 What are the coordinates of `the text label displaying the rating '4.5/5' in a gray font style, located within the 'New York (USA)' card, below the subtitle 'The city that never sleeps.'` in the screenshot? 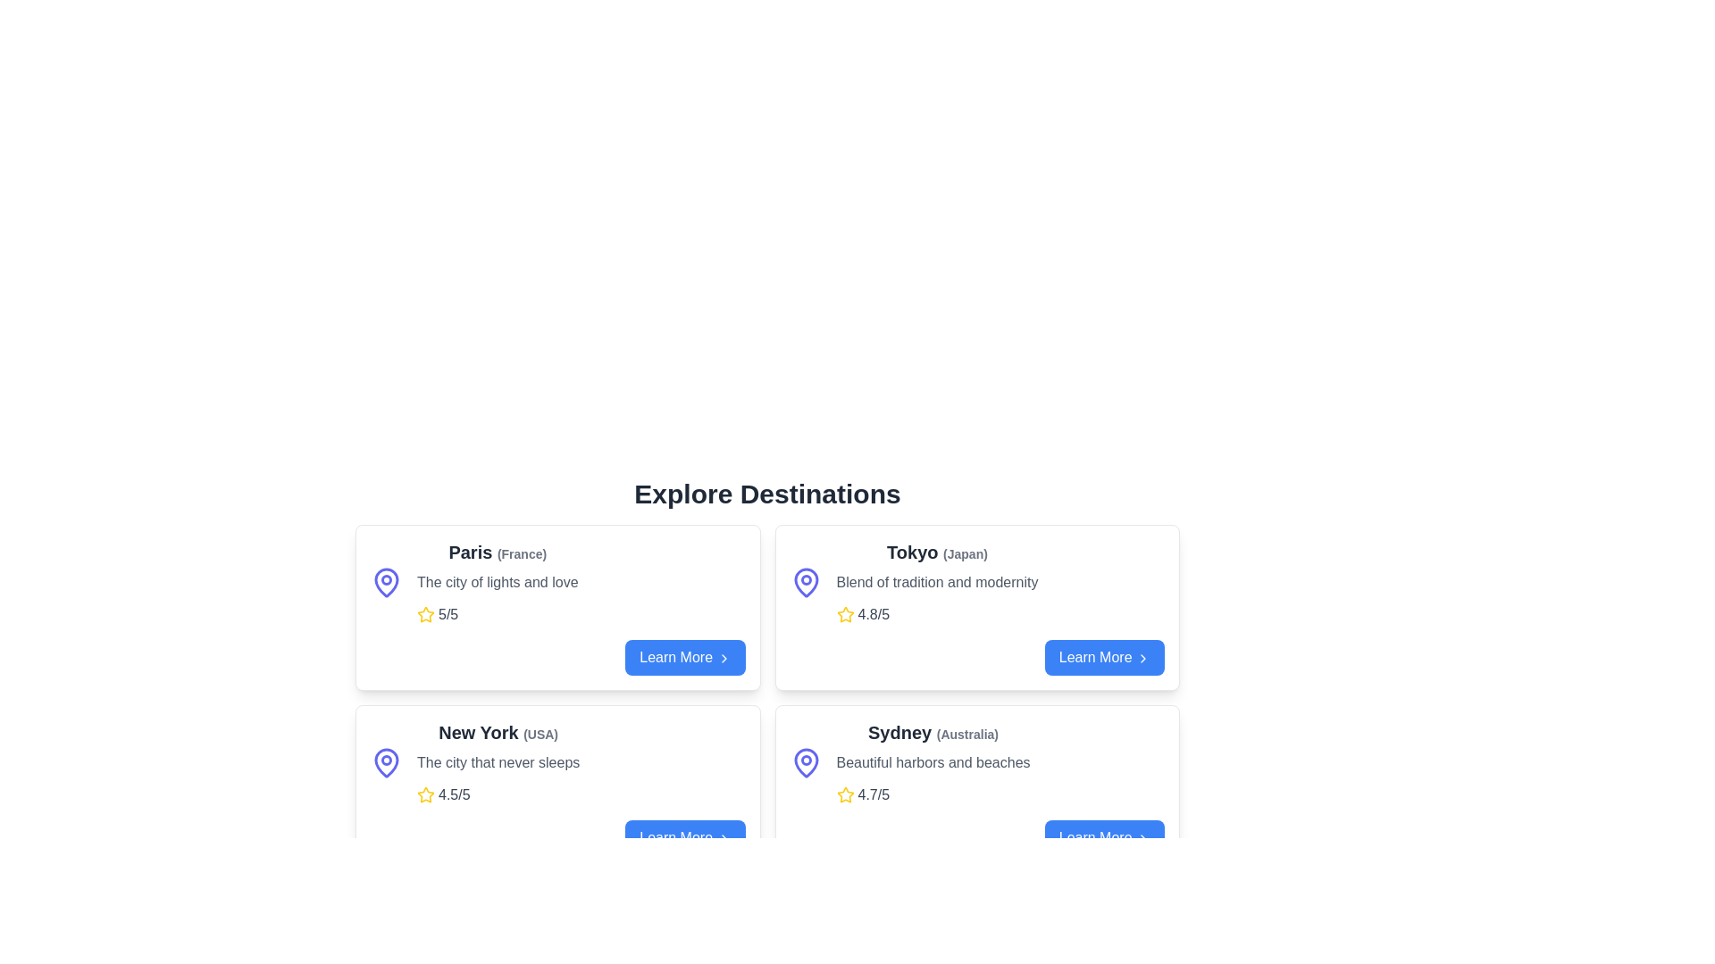 It's located at (454, 794).